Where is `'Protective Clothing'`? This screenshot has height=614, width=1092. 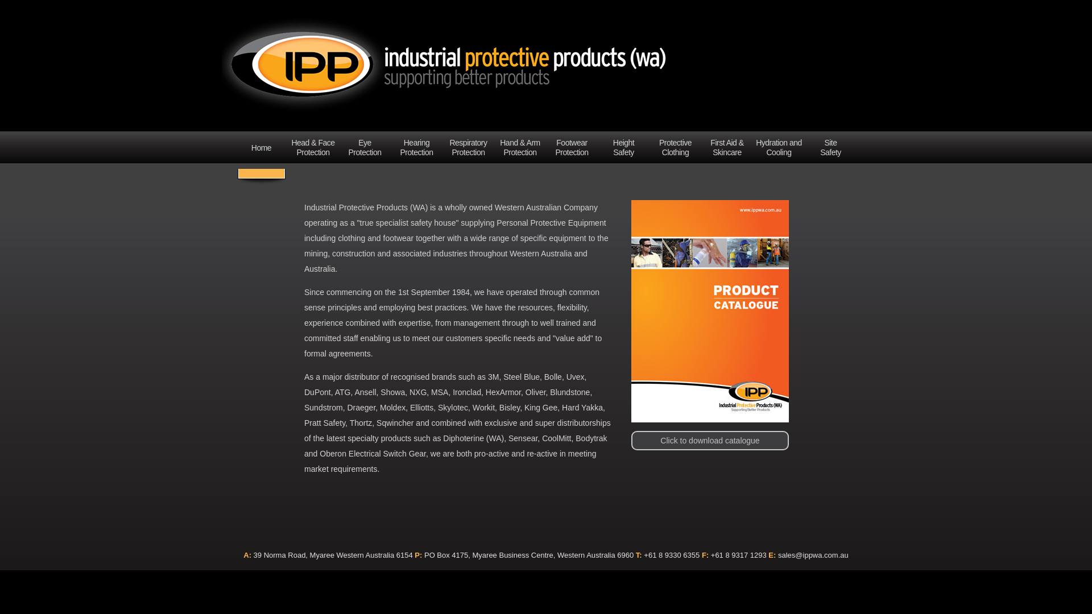
'Protective Clothing' is located at coordinates (675, 147).